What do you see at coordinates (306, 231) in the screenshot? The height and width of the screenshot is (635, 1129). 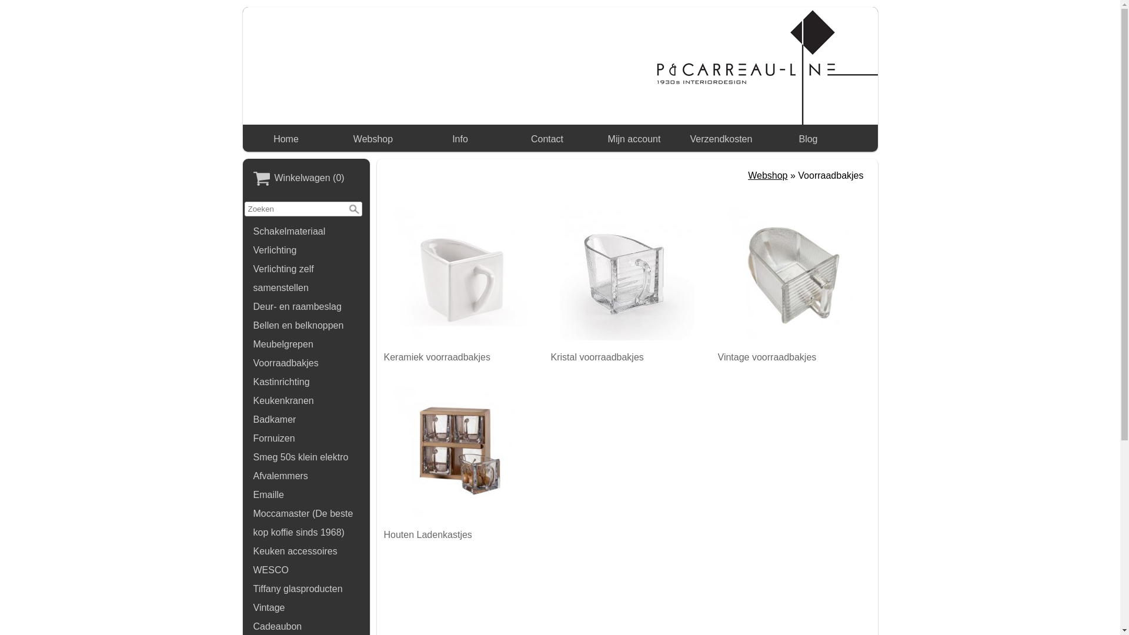 I see `'Schakelmateriaal'` at bounding box center [306, 231].